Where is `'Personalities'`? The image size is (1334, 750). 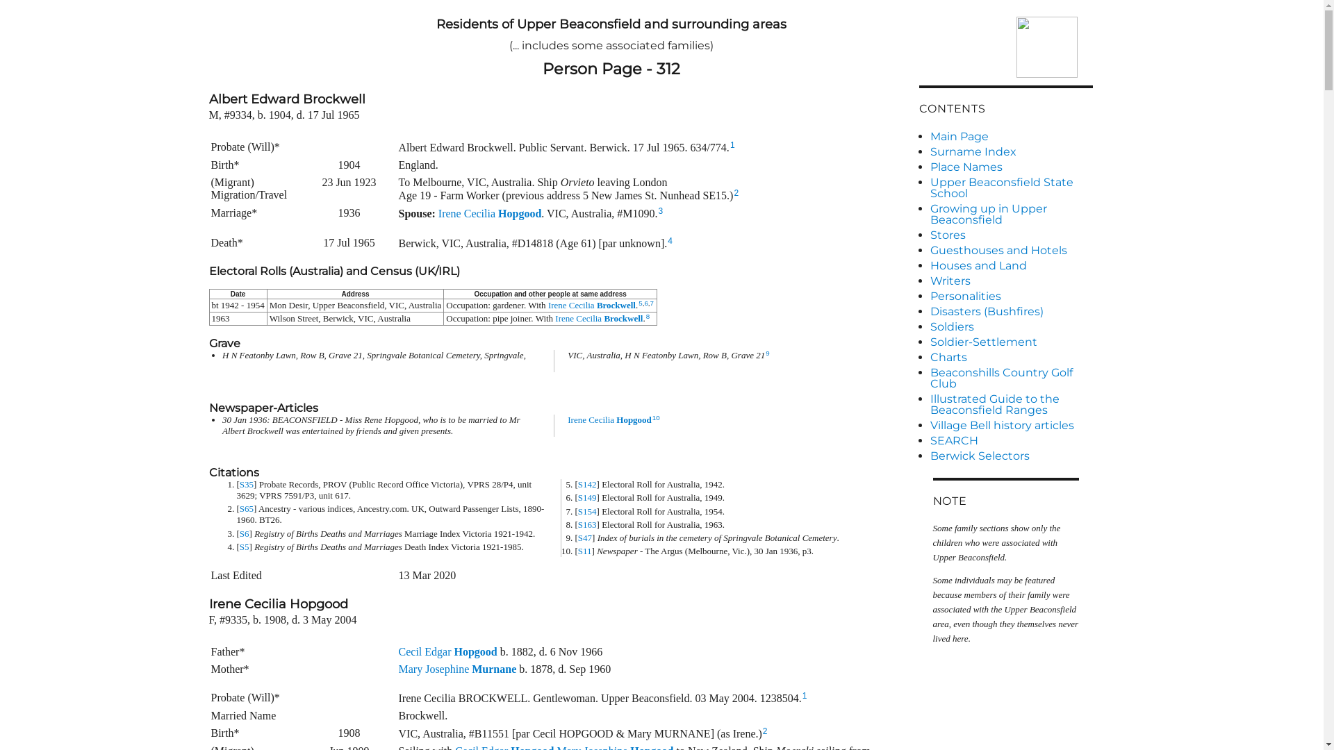 'Personalities' is located at coordinates (930, 296).